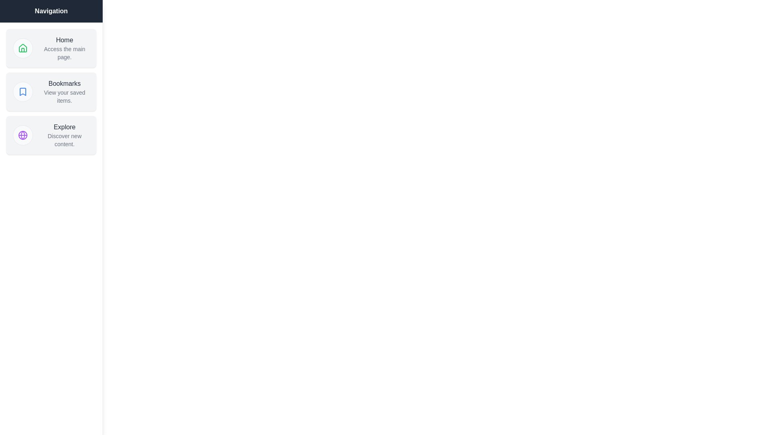  What do you see at coordinates (51, 48) in the screenshot?
I see `the 'Home' menu item in the navigation drawer` at bounding box center [51, 48].